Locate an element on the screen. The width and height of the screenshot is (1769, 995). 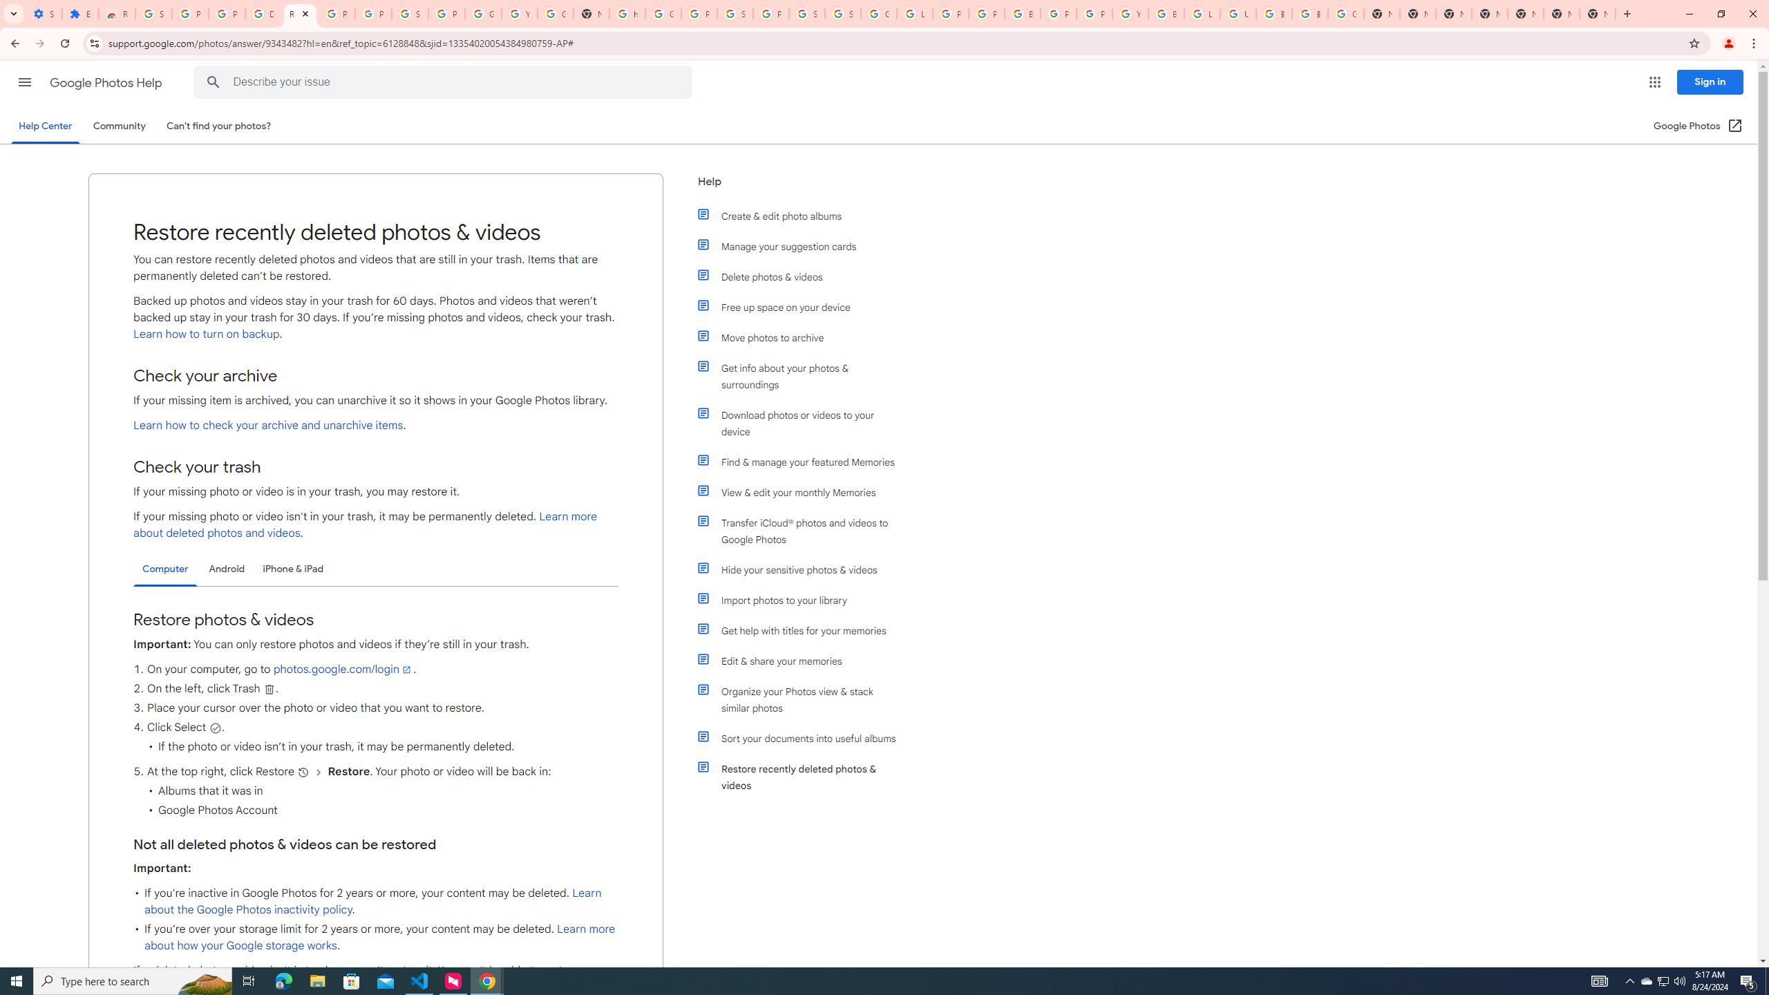
'Privacy Help Center - Policies Help' is located at coordinates (950, 13).